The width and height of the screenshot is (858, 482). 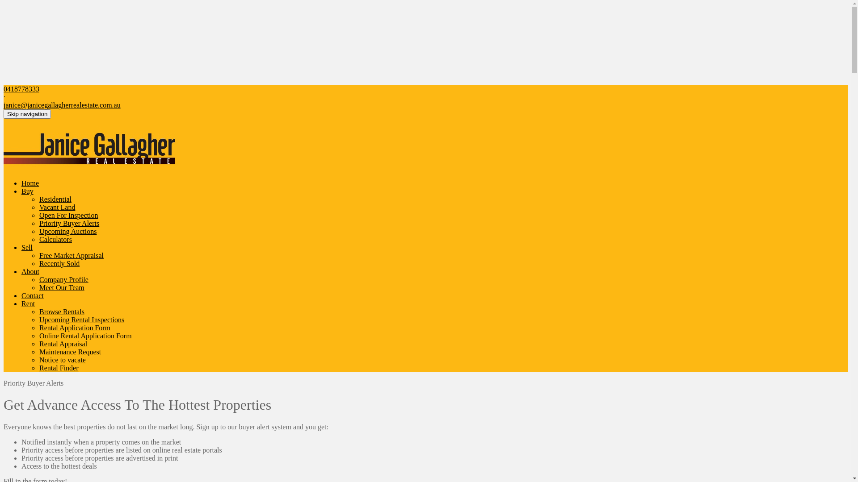 What do you see at coordinates (71, 255) in the screenshot?
I see `'Free Market Appraisal'` at bounding box center [71, 255].